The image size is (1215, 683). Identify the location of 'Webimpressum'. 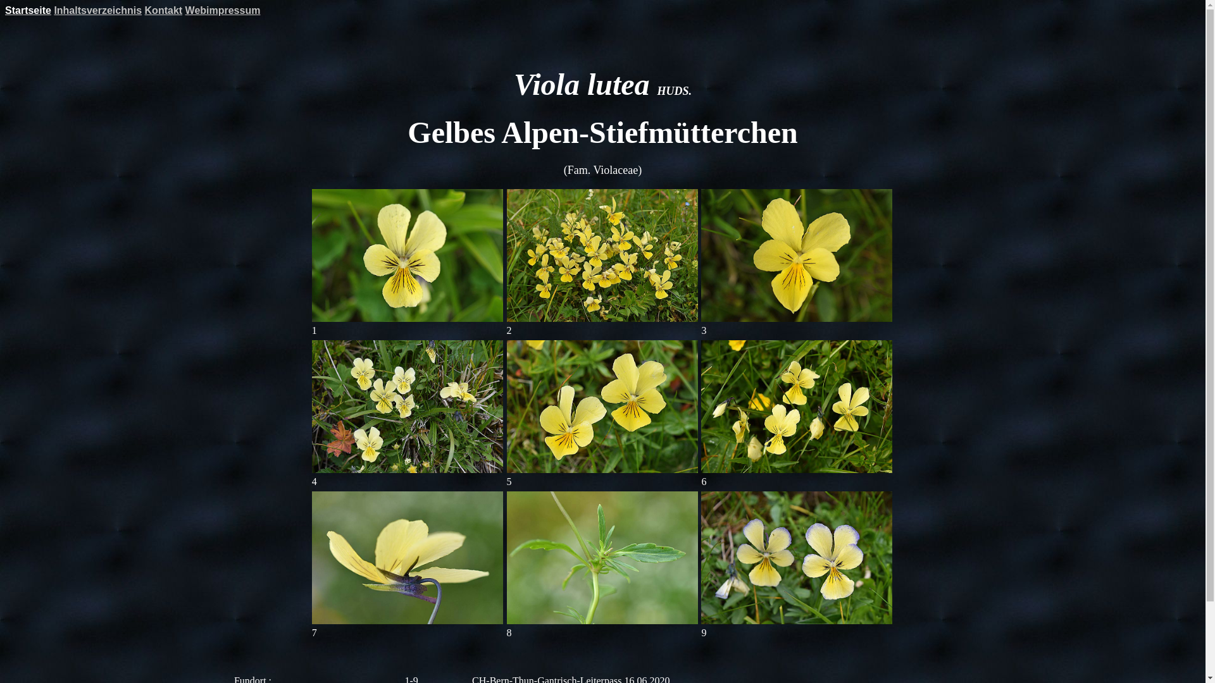
(223, 10).